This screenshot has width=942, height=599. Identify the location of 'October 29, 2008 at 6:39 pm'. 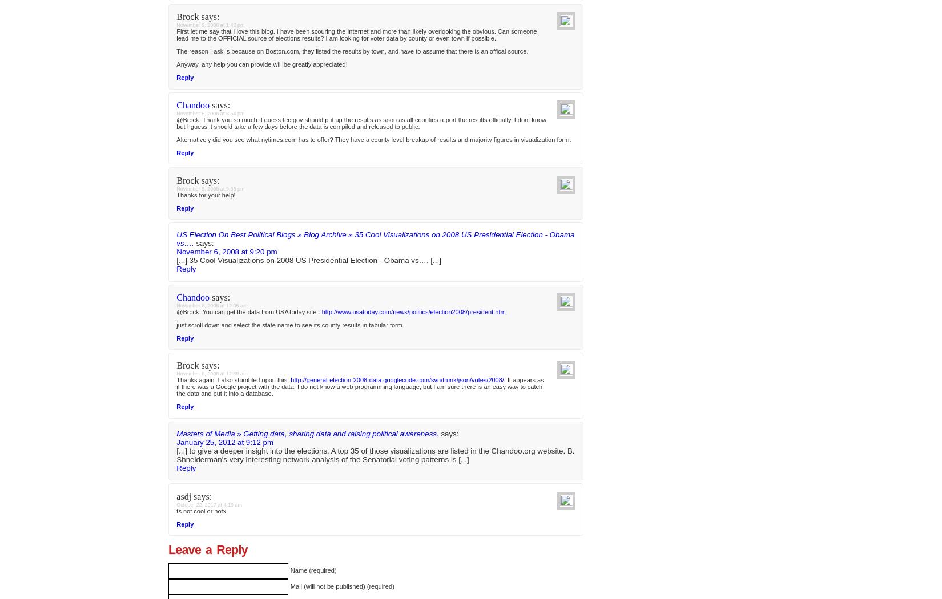
(225, 185).